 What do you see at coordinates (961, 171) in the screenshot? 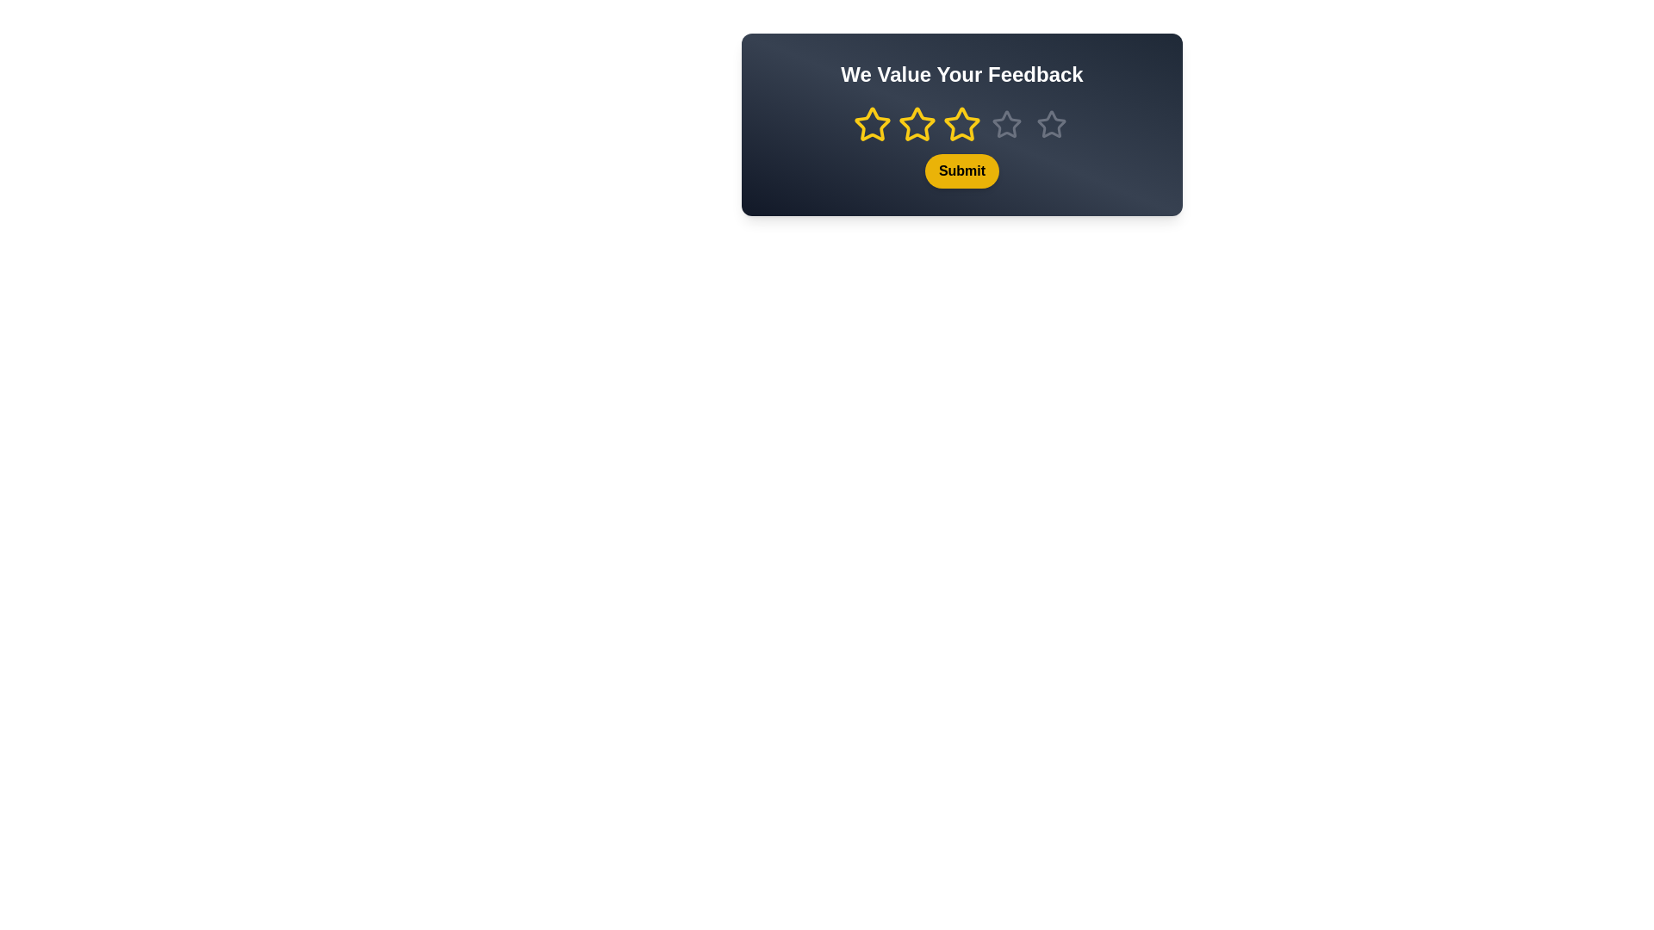
I see `the feedback submission button that is located centrally below the star rating interface to change its color` at bounding box center [961, 171].